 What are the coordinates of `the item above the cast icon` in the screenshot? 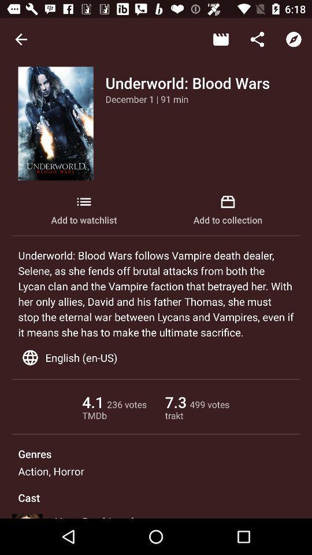 It's located at (50, 471).